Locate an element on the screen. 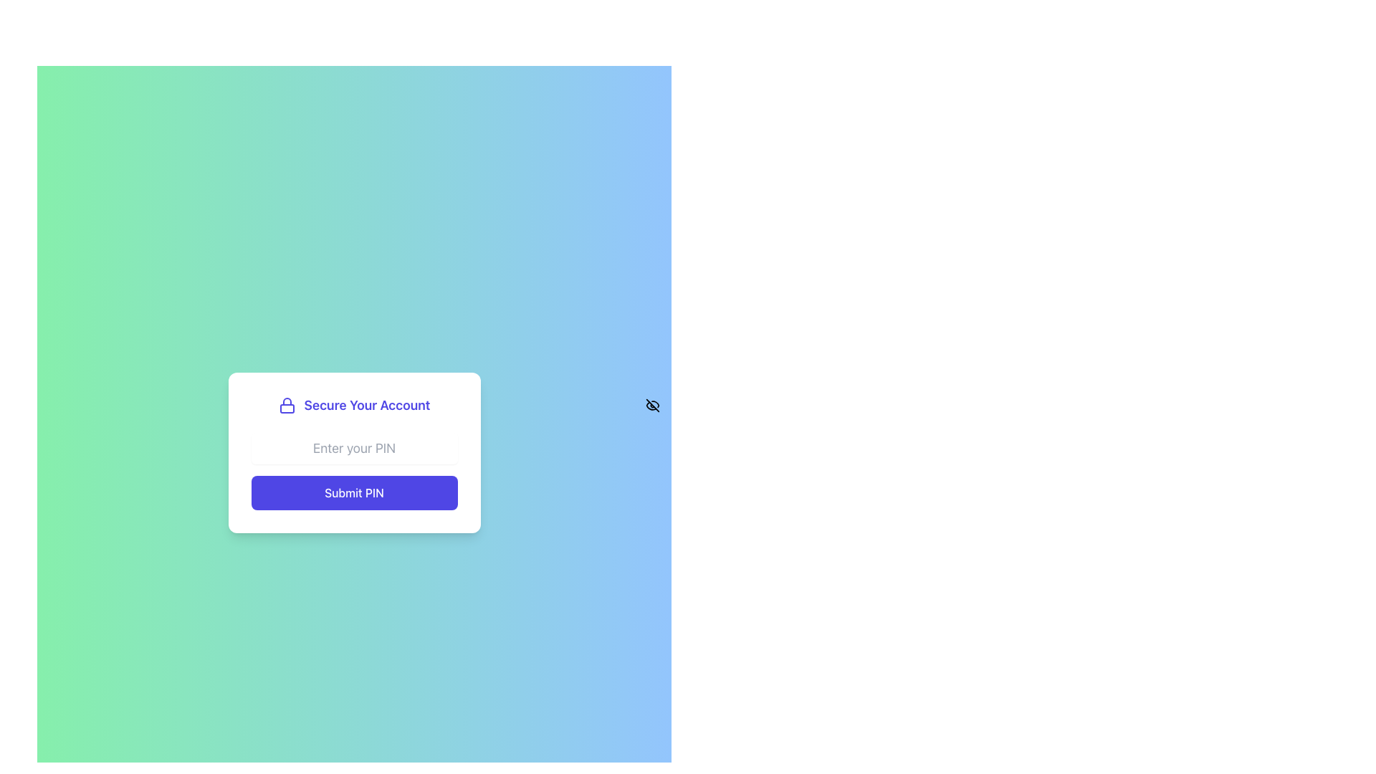 This screenshot has height=774, width=1376. the lock or keyhole icon located in the top-left corner of the form card, adjacent to the bold blue text 'Secure Your Account' is located at coordinates (287, 401).